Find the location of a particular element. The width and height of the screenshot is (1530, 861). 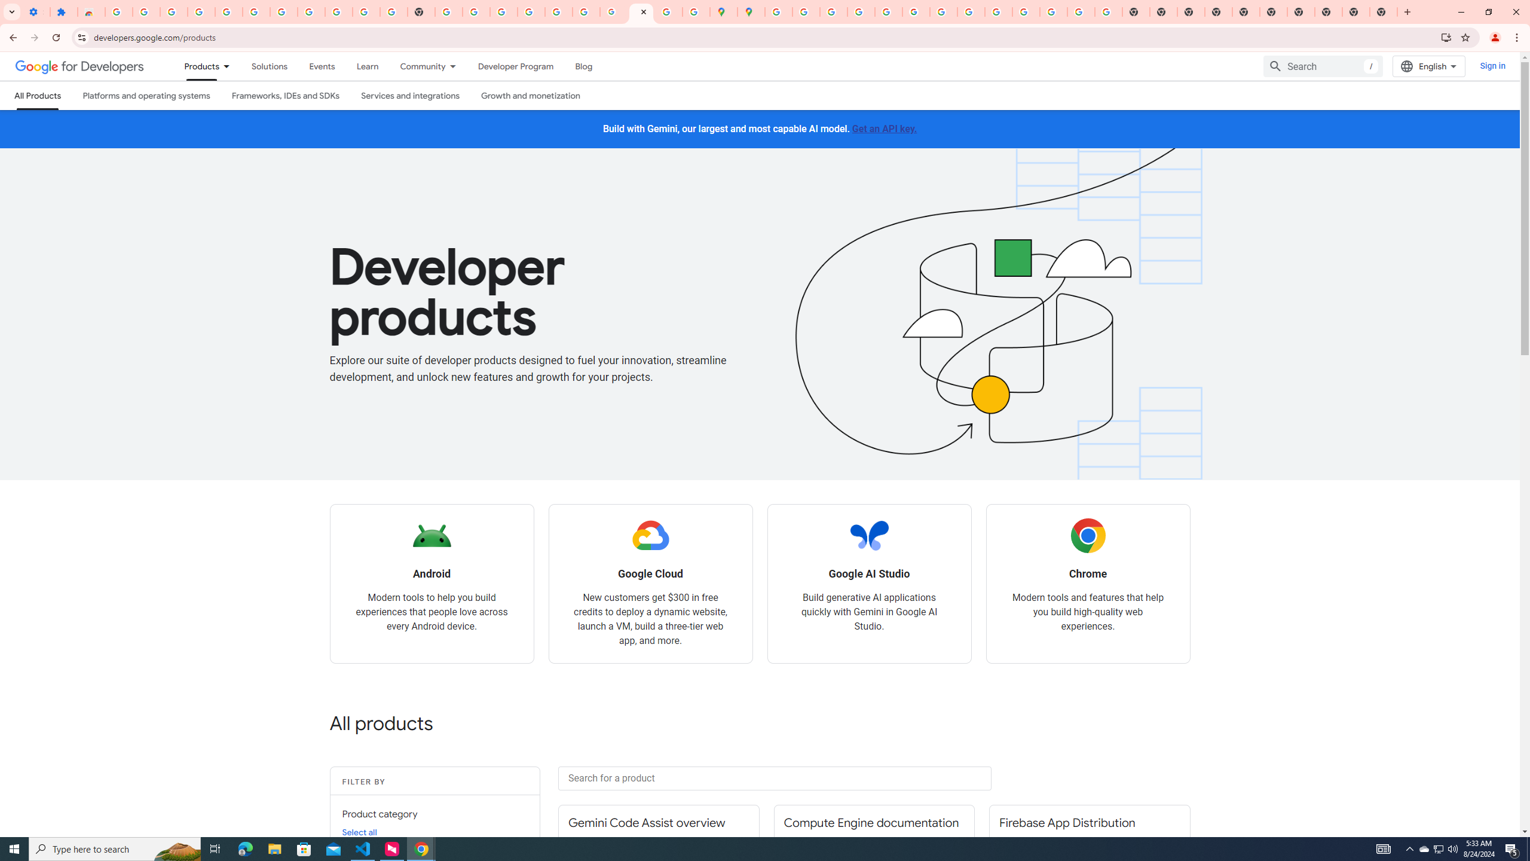

'Learn how to find your photos - Google Photos Help' is located at coordinates (228, 11).